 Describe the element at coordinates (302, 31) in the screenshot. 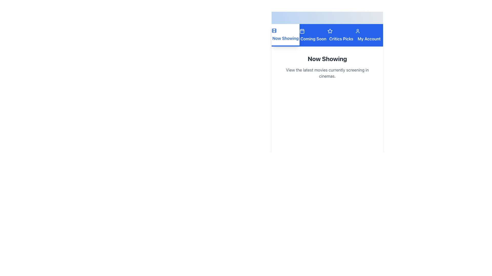

I see `the calendar icon styled in blue with rounded corners, located in the 'Coming Soon' button, positioned between the 'Now Showing' and 'Critics Picks' buttons` at that location.